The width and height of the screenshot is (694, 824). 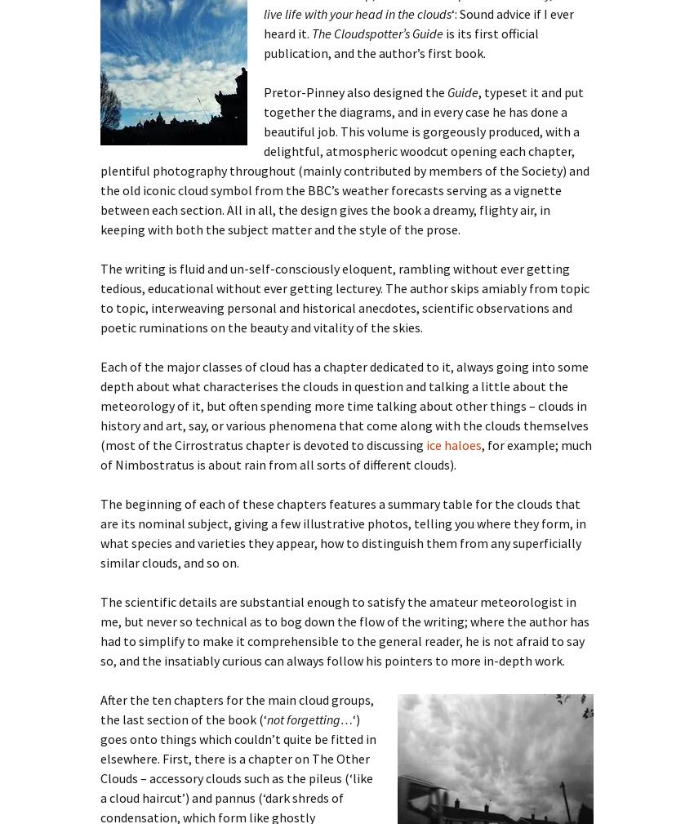 I want to click on 'The writing is fluid and un-self-consciously eloquent, rambling without ever getting tedious, educational without ever getting lecturey. The author skips amiably from topic to topic, interweaving personal and historical anecdotes, scientific observations and poetic ruminations on the beauty and vitality of the skies.', so click(x=99, y=296).